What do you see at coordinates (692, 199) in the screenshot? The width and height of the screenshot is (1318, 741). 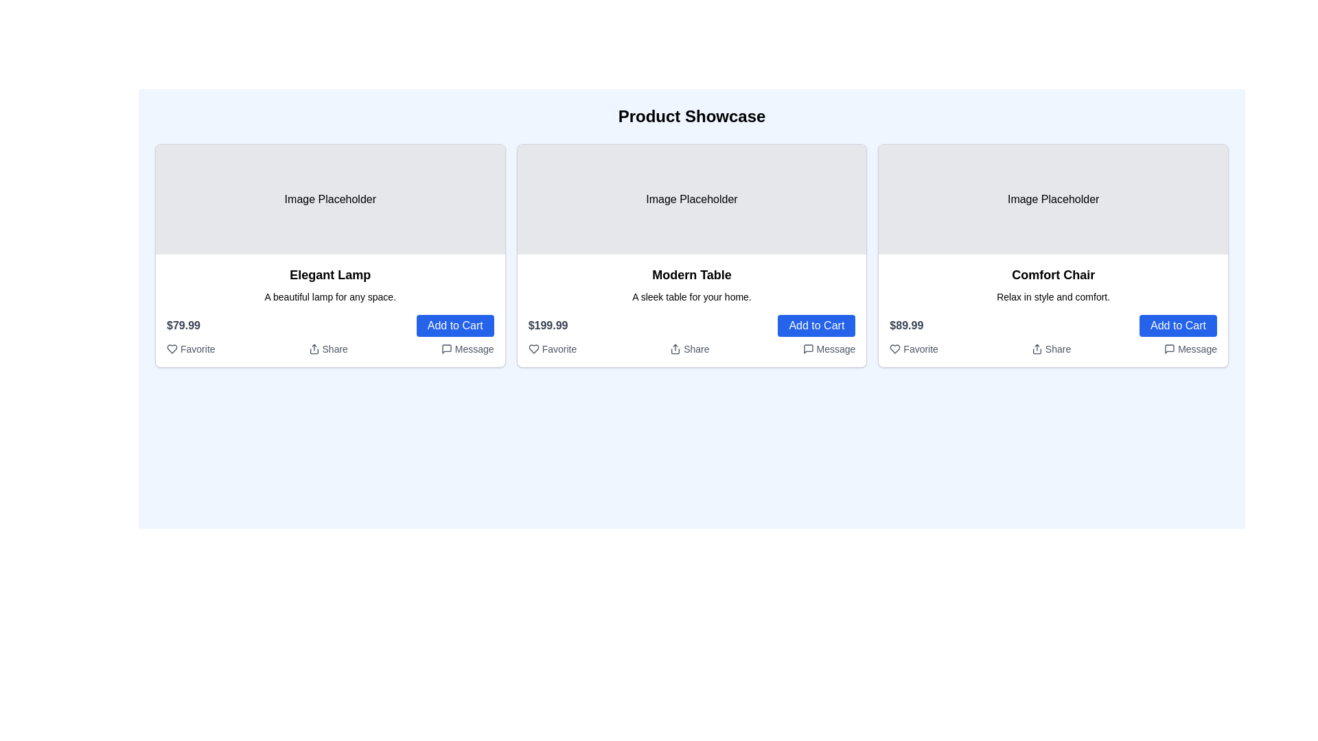 I see `the text label displaying 'Image Placeholder', which is located in the top section of the middle panel above the product name 'Modern Table'` at bounding box center [692, 199].